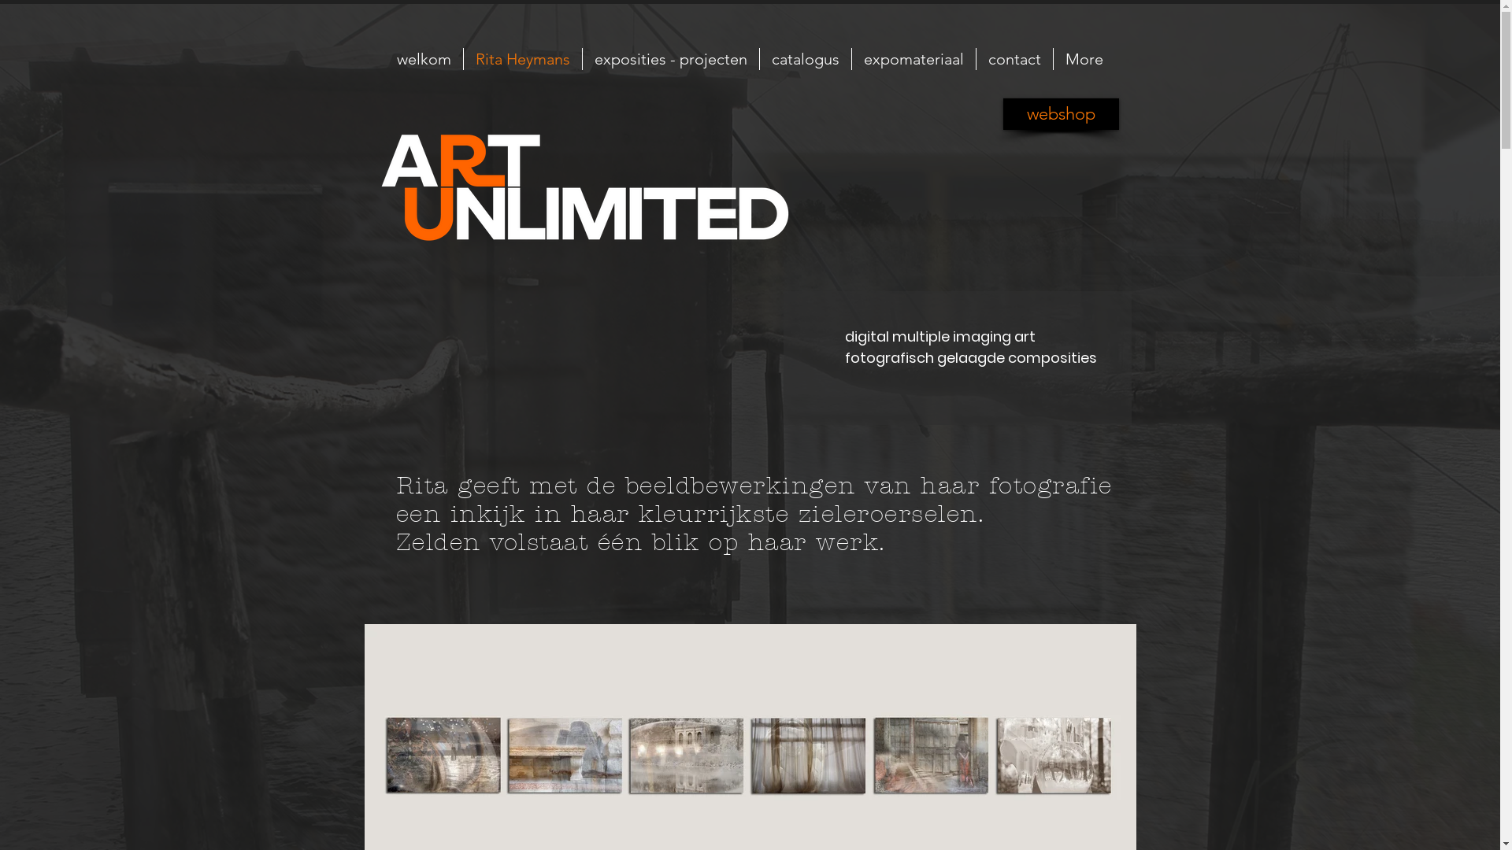  I want to click on 'webshop', so click(1061, 113).